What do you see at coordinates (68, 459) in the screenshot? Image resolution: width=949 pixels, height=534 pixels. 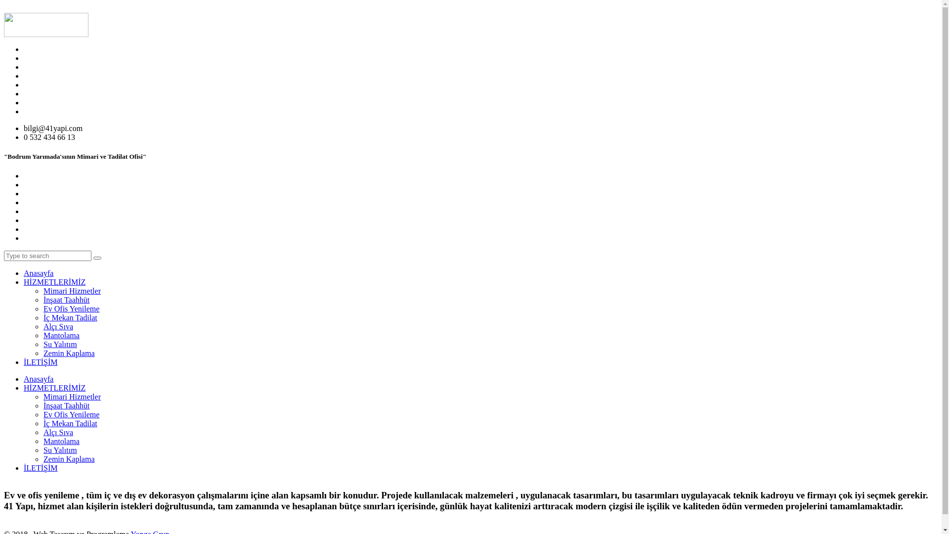 I see `'Zemin Kaplama'` at bounding box center [68, 459].